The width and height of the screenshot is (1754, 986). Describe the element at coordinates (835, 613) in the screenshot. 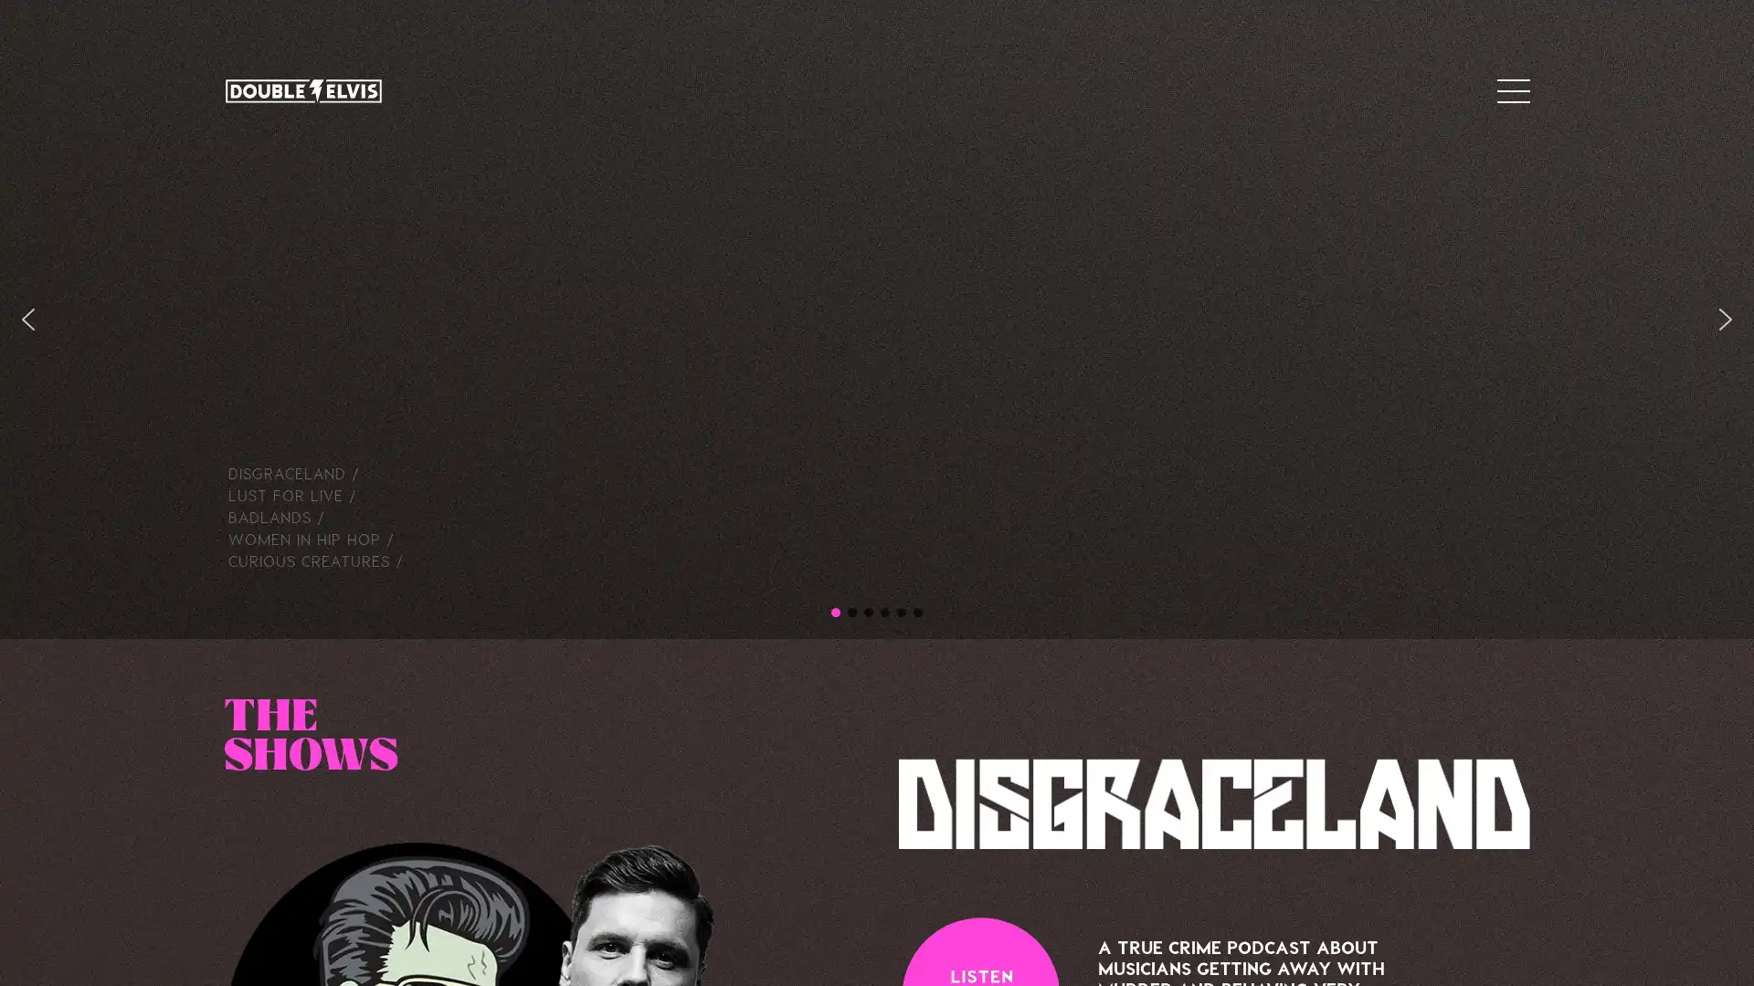

I see `DE hero` at that location.